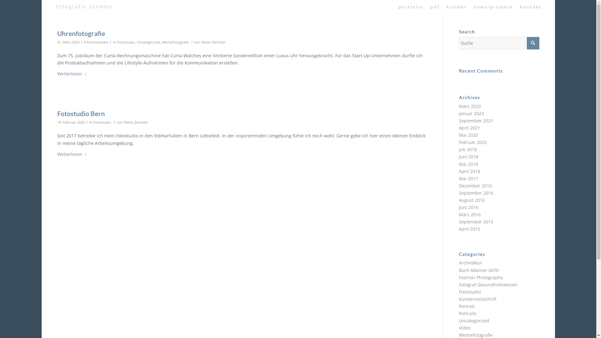 The height and width of the screenshot is (338, 601). Describe the element at coordinates (175, 42) in the screenshot. I see `'Werbefotografie'` at that location.